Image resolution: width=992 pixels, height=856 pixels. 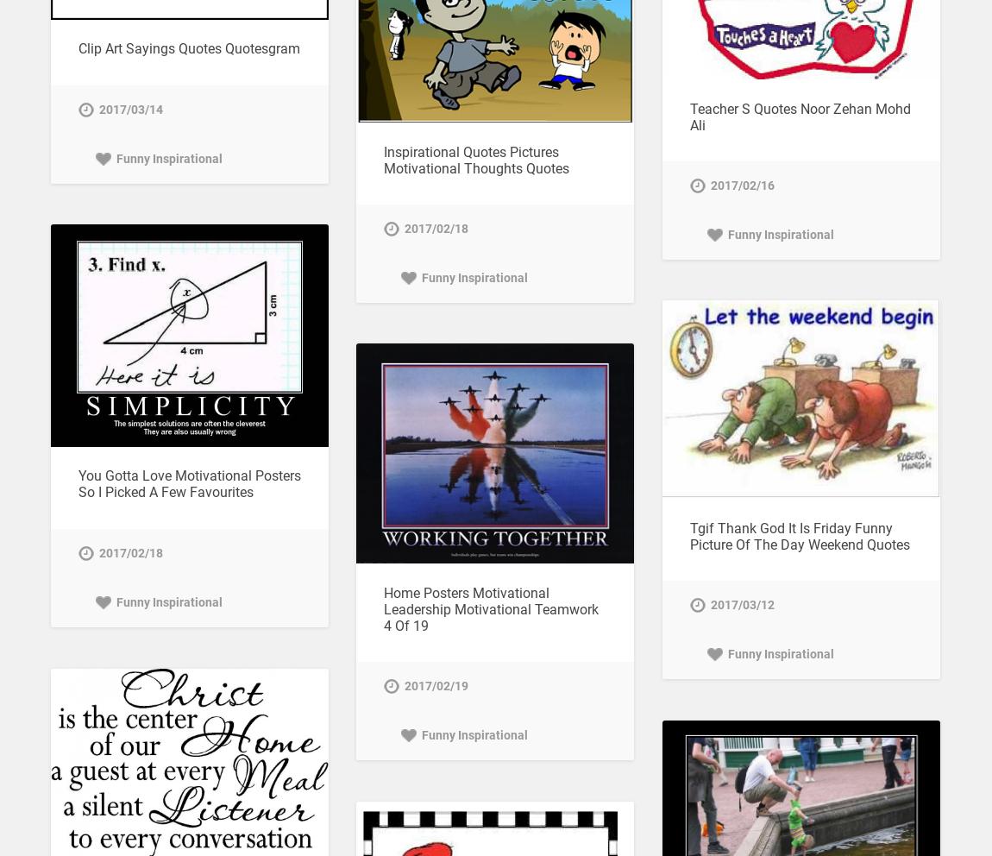 I want to click on '2017/02/19', so click(x=435, y=685).